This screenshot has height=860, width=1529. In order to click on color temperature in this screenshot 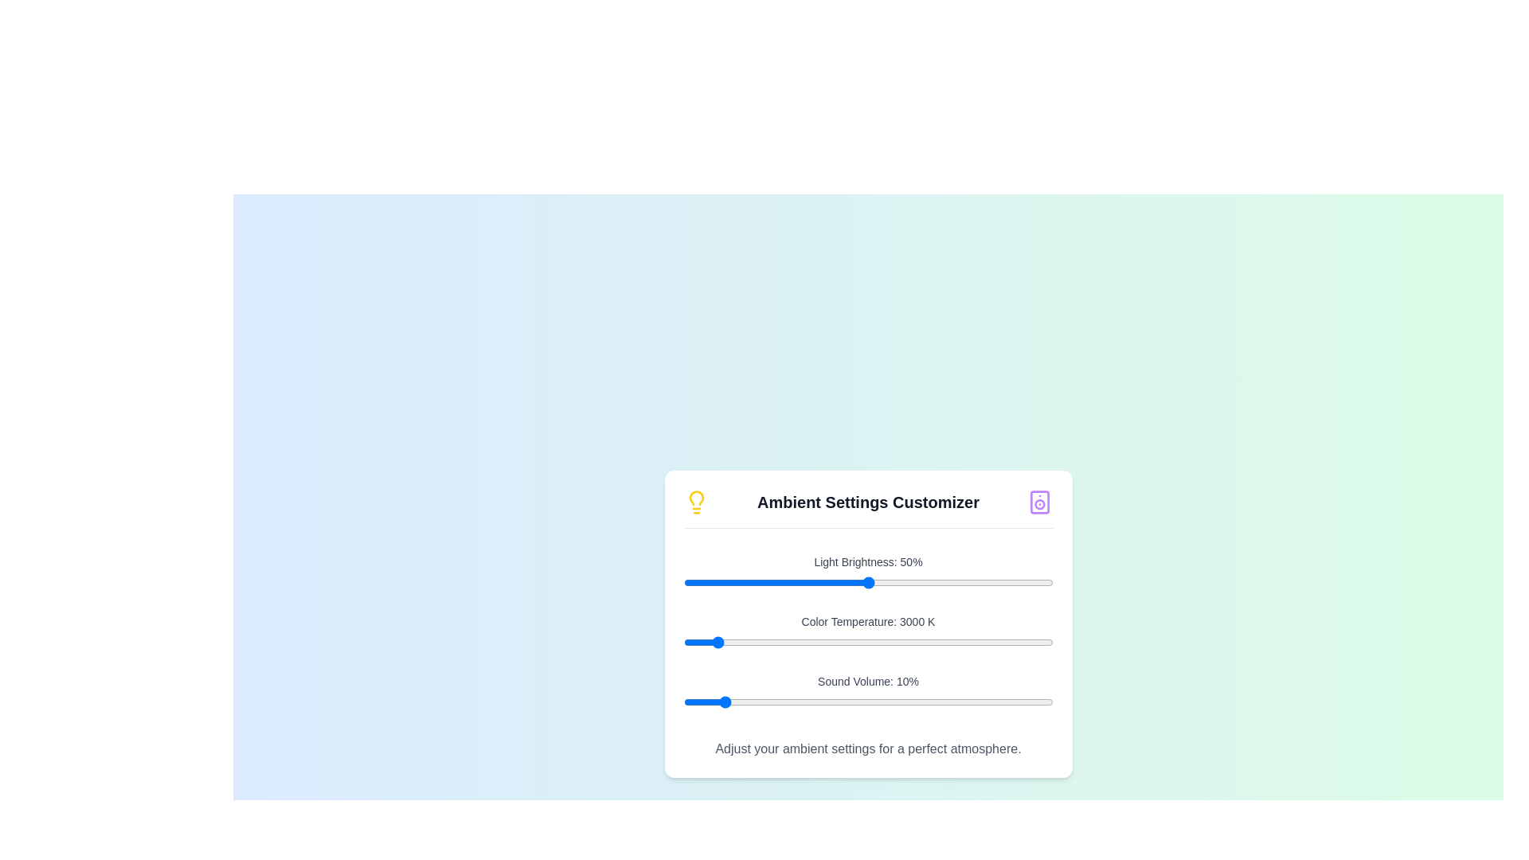, I will do `click(899, 641)`.